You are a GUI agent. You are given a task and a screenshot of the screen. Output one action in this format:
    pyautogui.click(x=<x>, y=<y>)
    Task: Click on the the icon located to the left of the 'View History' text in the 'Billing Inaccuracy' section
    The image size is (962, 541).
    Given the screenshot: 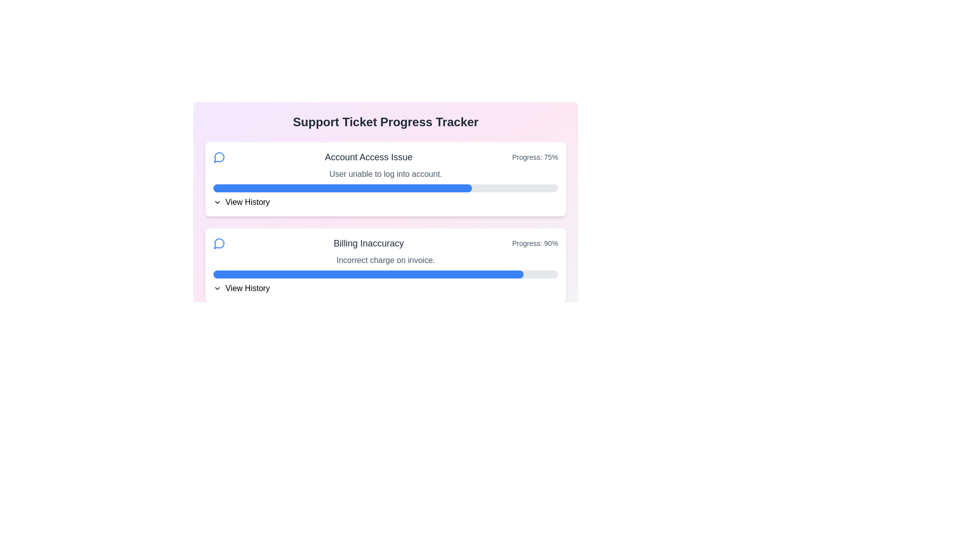 What is the action you would take?
    pyautogui.click(x=216, y=288)
    